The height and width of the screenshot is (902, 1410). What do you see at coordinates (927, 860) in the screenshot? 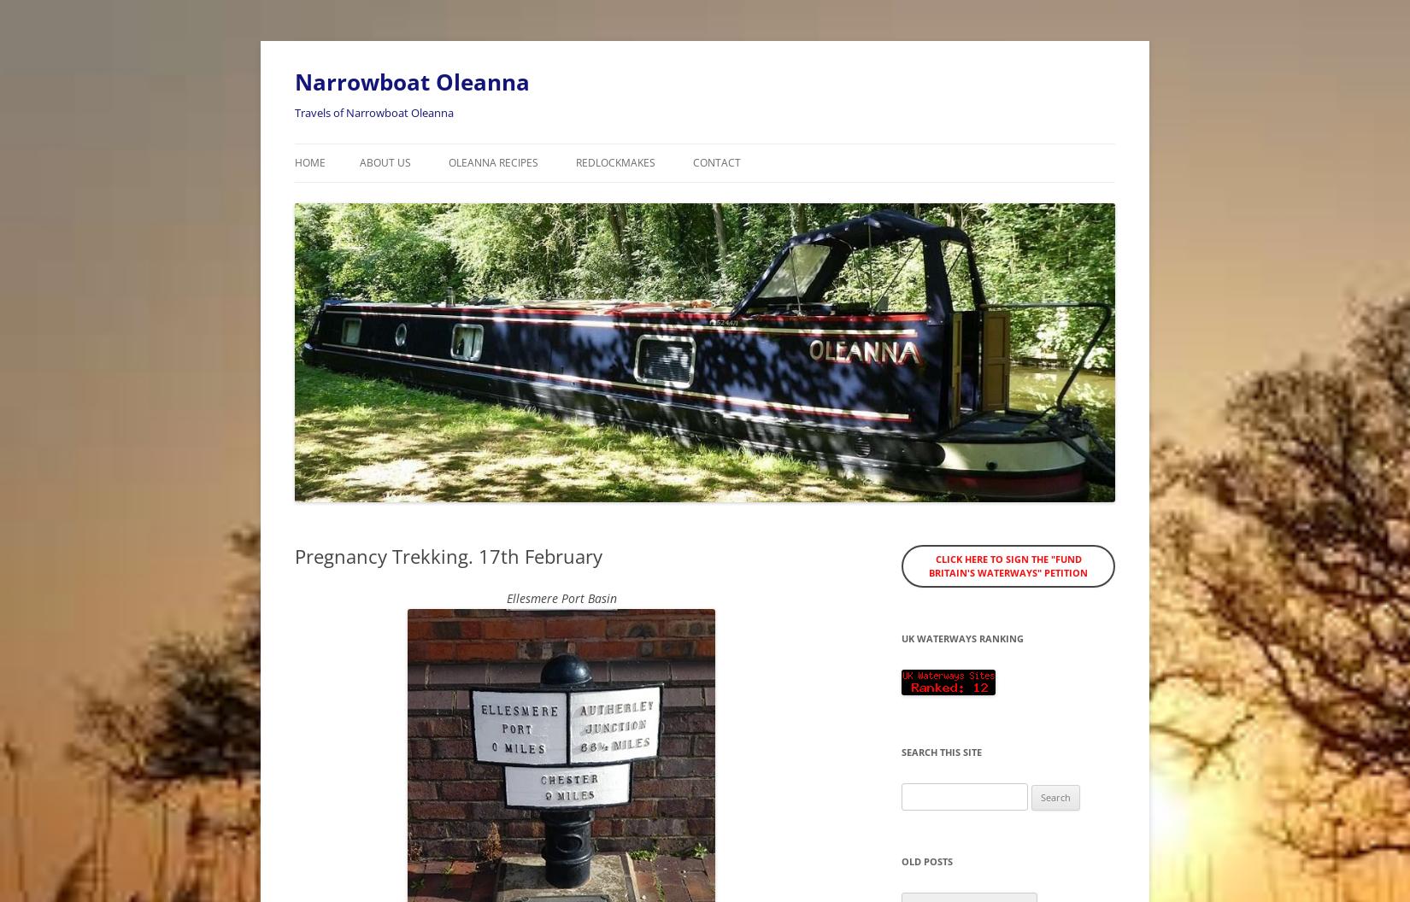
I see `'Old posts'` at bounding box center [927, 860].